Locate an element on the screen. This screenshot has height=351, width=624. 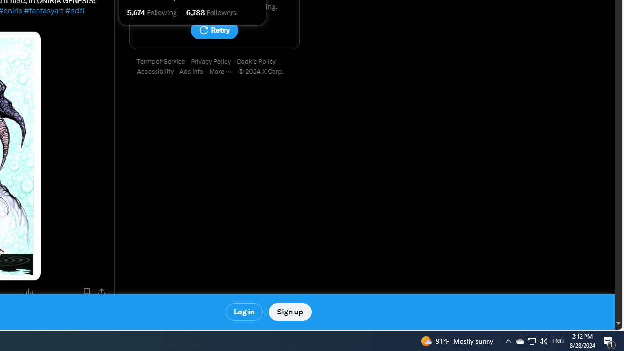
'Ads info' is located at coordinates (195, 71).